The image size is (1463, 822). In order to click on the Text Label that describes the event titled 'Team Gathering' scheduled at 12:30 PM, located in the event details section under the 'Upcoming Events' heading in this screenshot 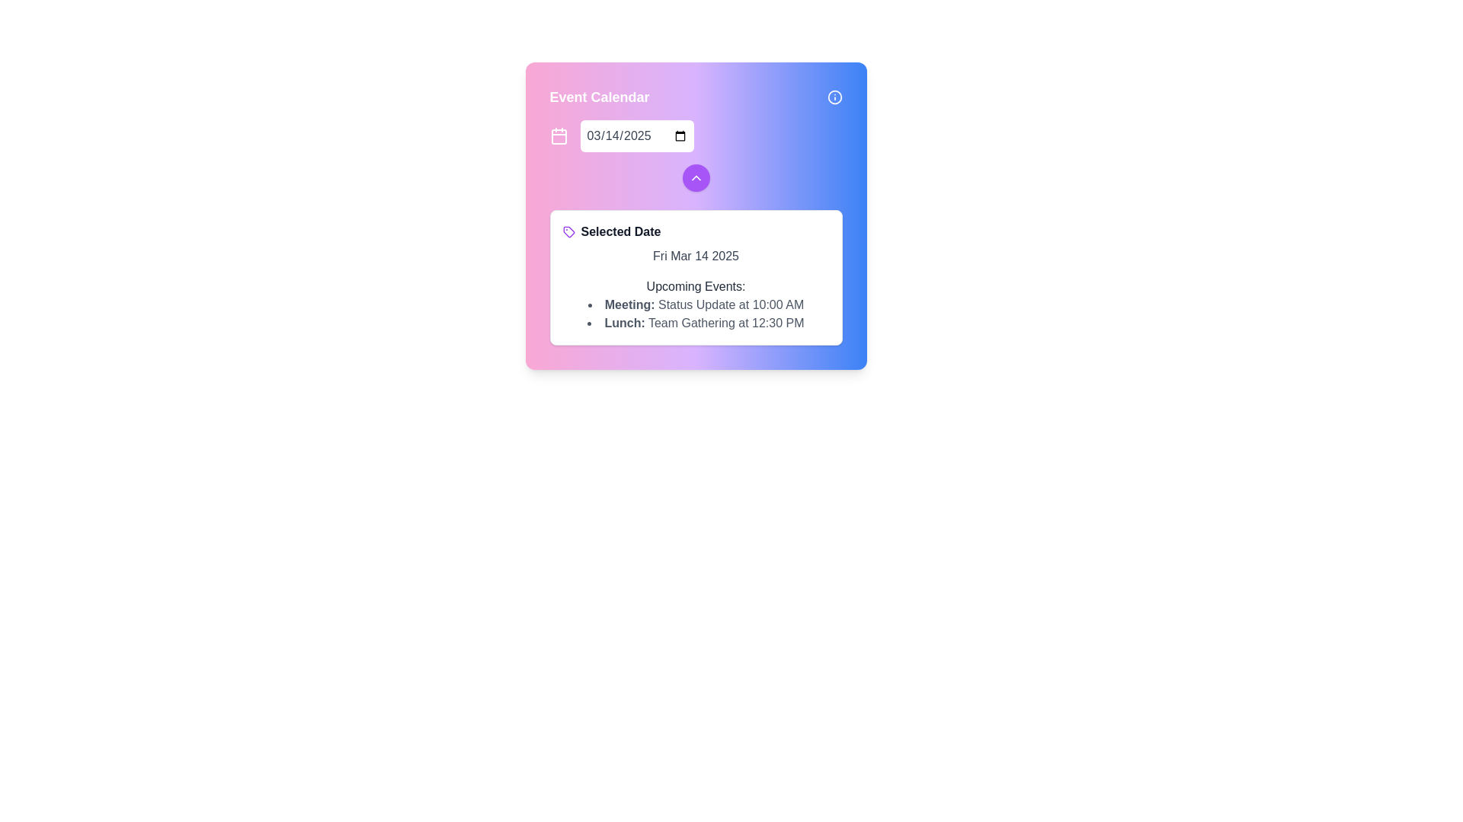, I will do `click(695, 322)`.